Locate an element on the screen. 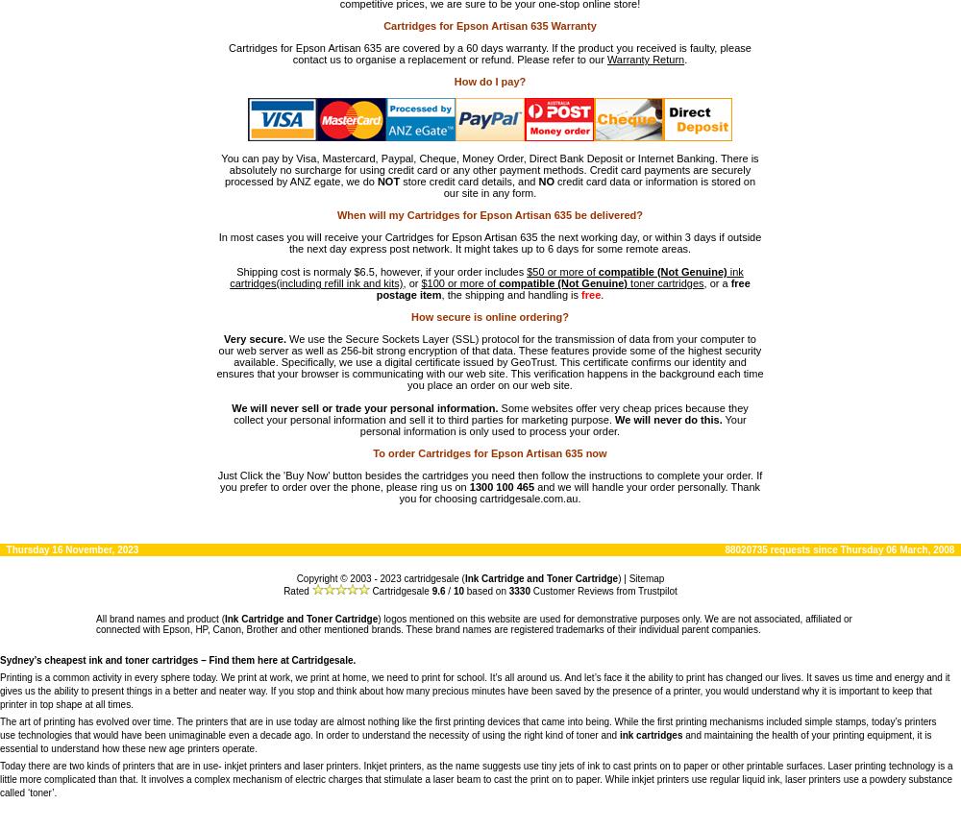 The width and height of the screenshot is (961, 829). 'Sydney’s cheapest ink and toner cartridges – Find them here at Cartridgesale.' is located at coordinates (178, 659).